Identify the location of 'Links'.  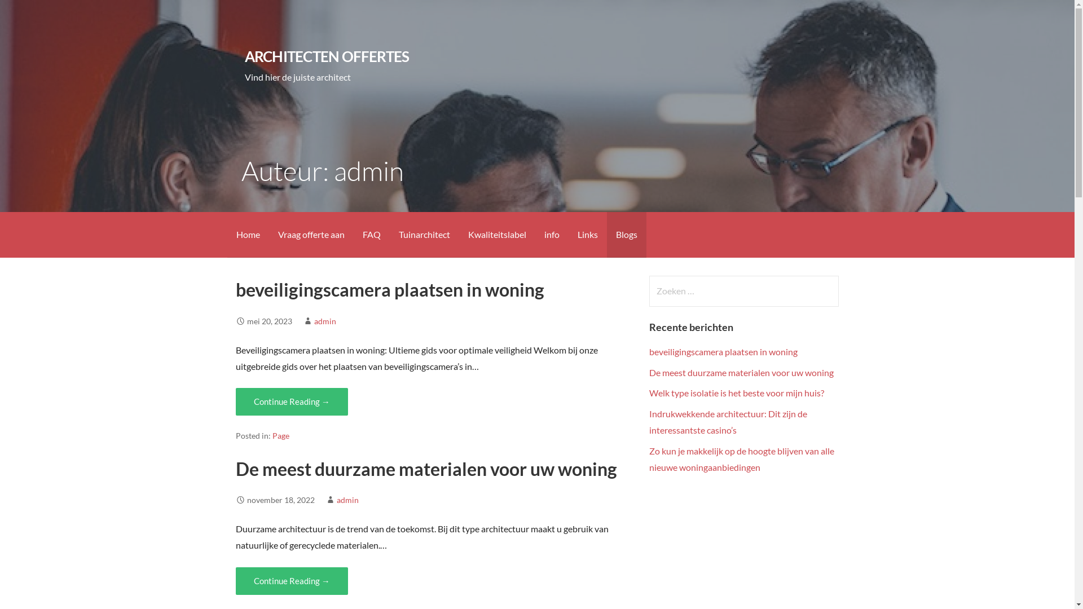
(587, 234).